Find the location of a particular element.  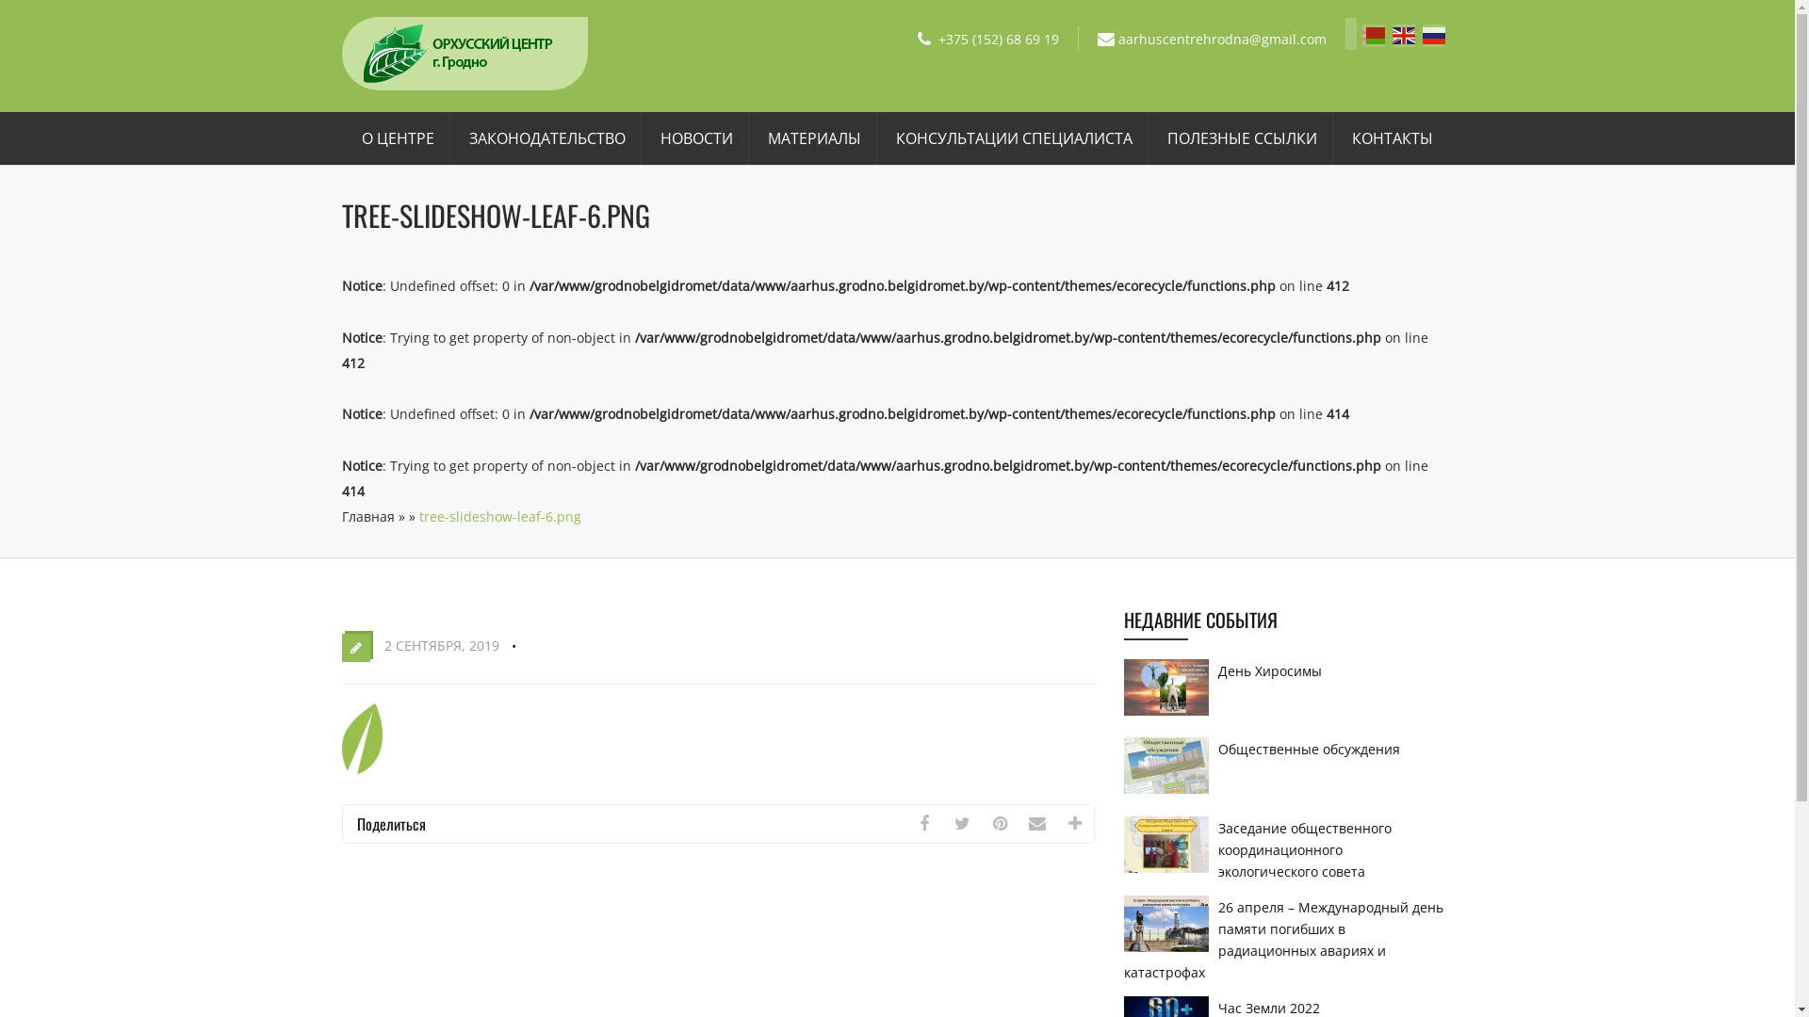

'English' is located at coordinates (1407, 33).